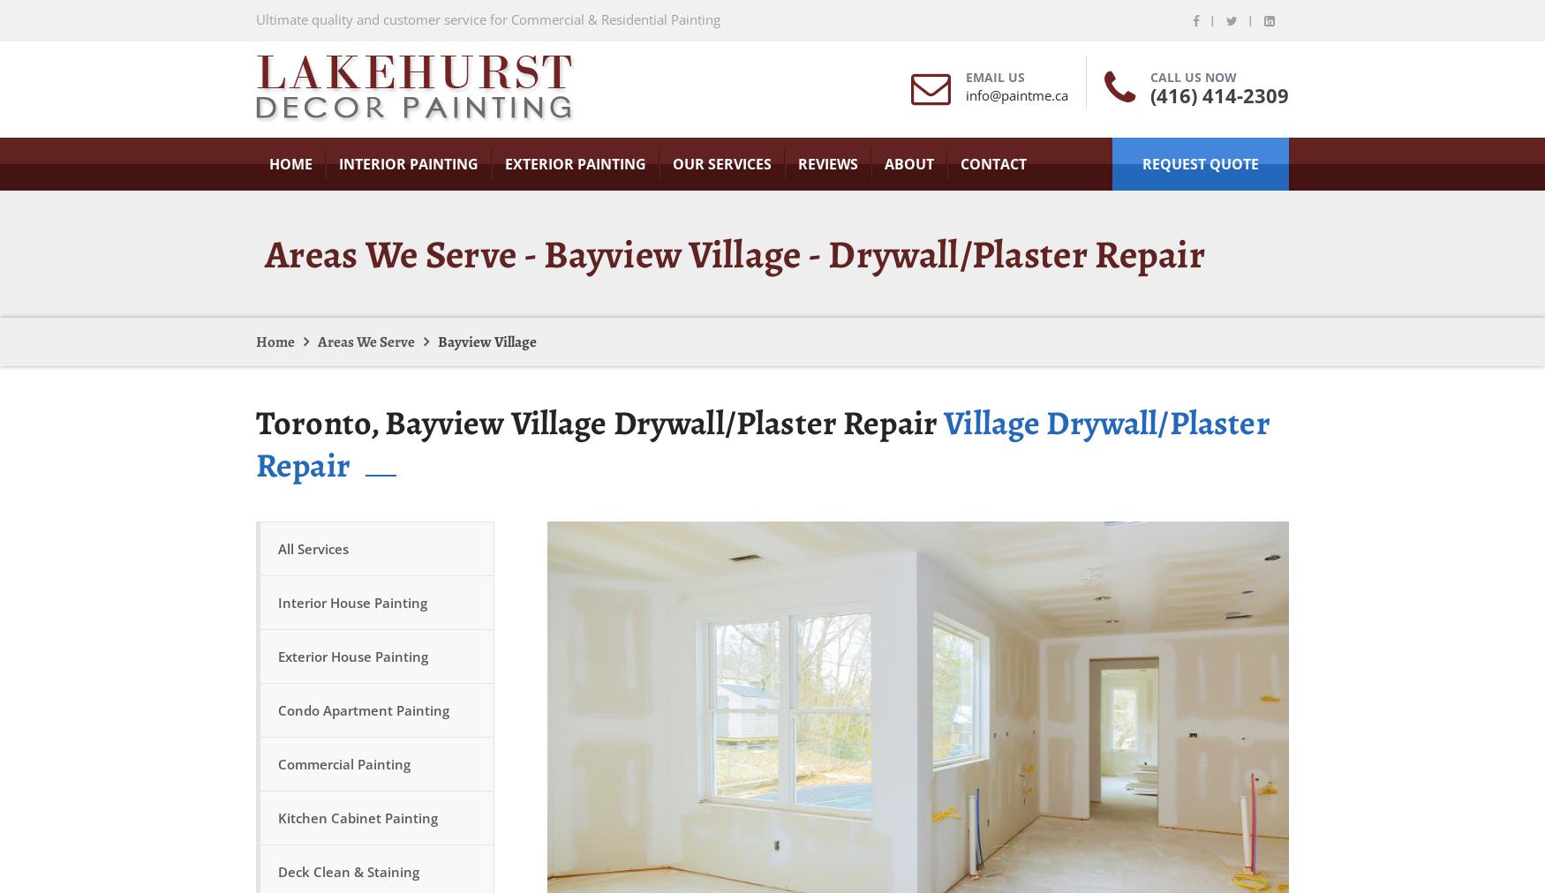 The height and width of the screenshot is (893, 1545). Describe the element at coordinates (505, 164) in the screenshot. I see `'Exterior Painting'` at that location.